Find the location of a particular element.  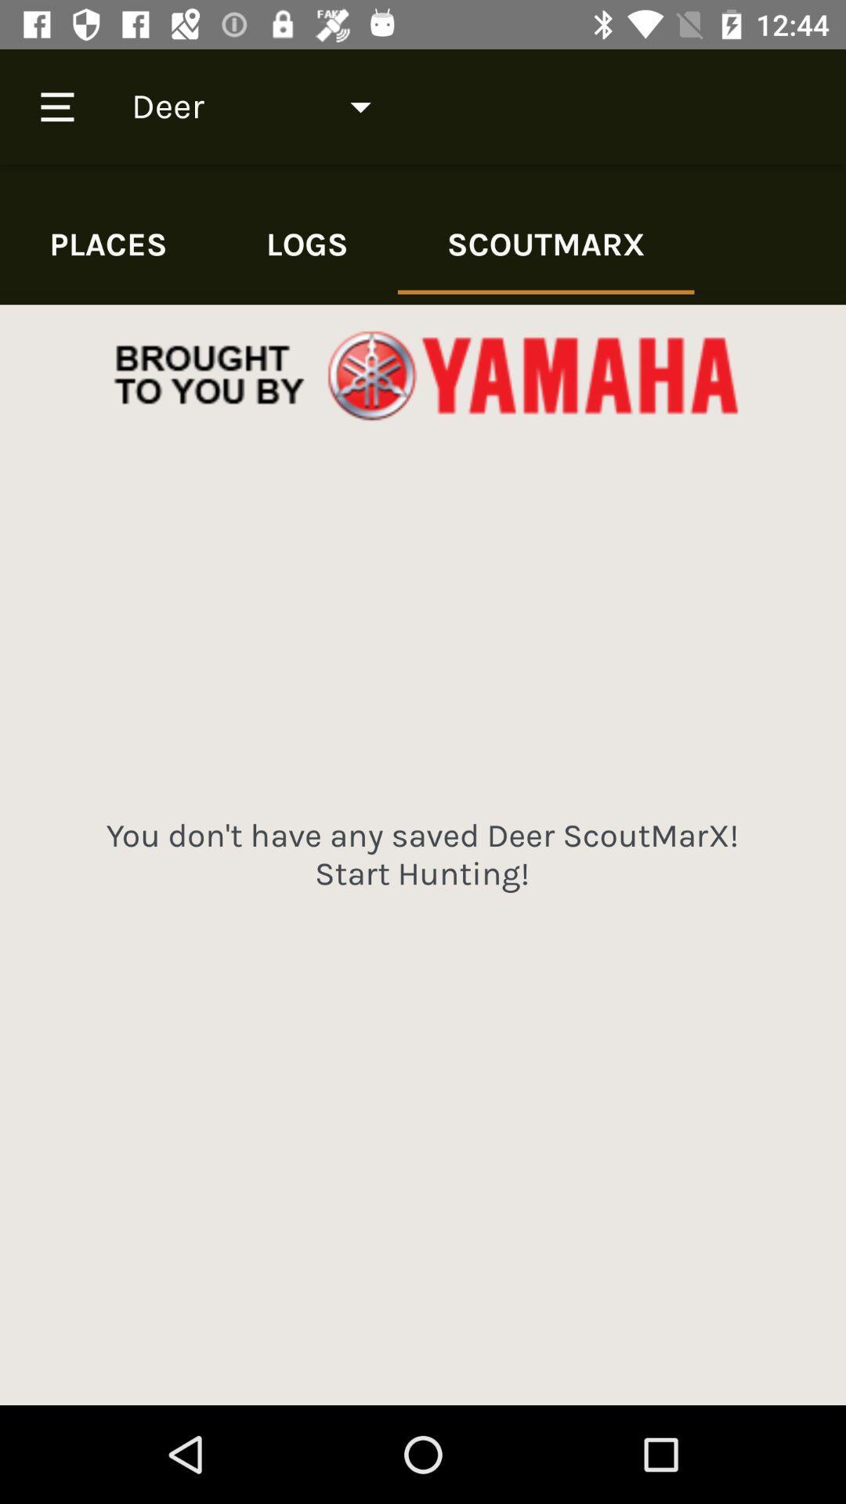

sponsor banner is located at coordinates (423, 377).